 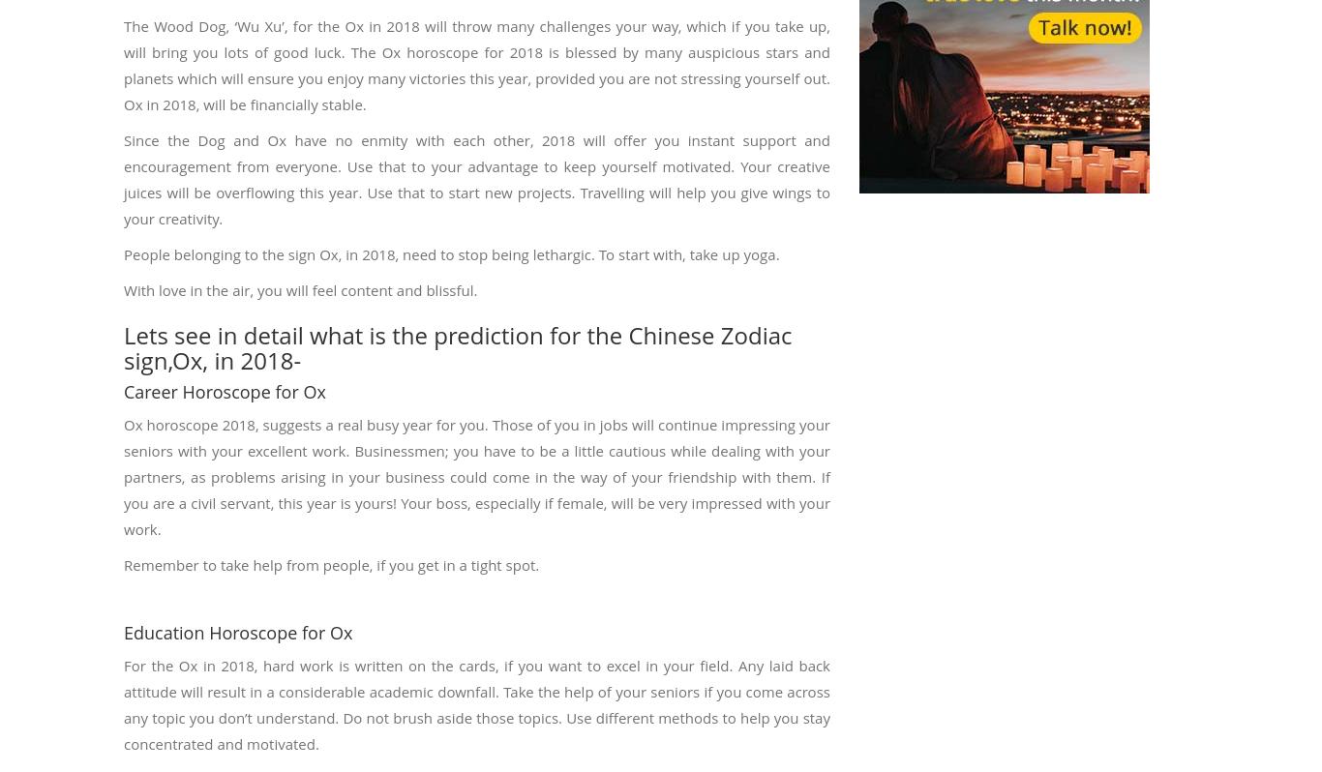 I want to click on 'With love in the air, you will feel content and blissful.', so click(x=300, y=288).